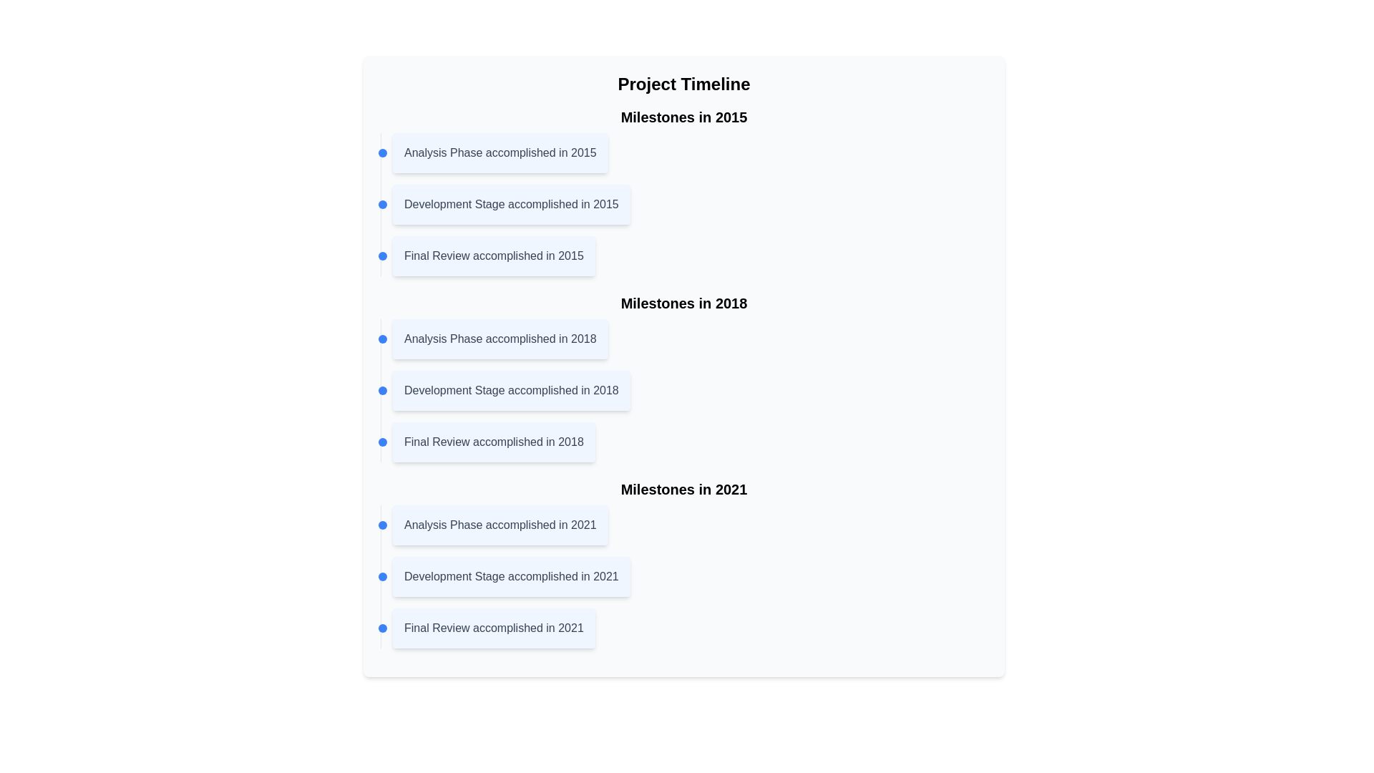 This screenshot has width=1374, height=773. I want to click on the static label that indicates 'Development Stage accomplished in 2015', located in the 'Milestones in 2015' section of the timeline, so click(511, 204).